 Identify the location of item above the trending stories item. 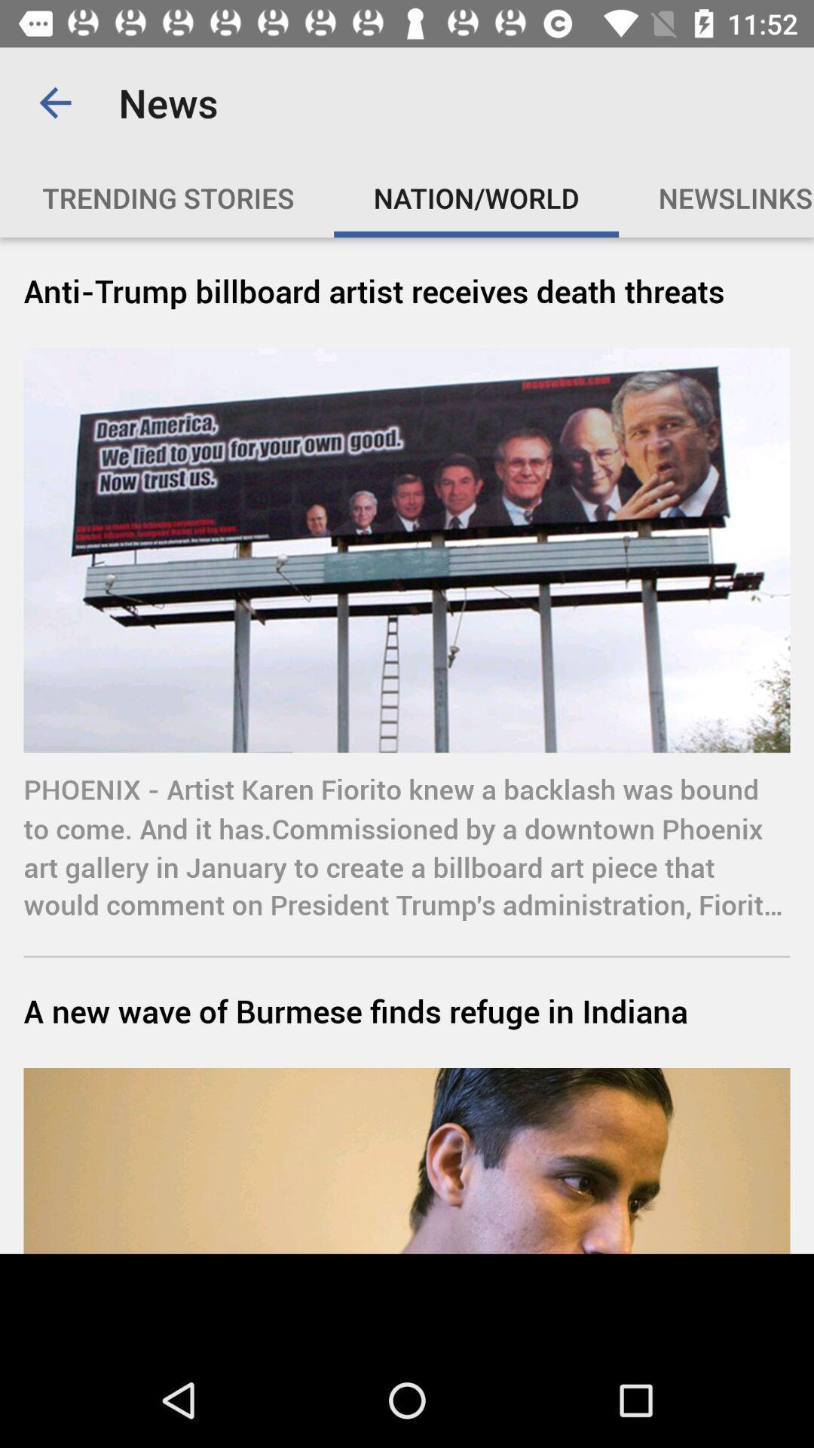
(54, 102).